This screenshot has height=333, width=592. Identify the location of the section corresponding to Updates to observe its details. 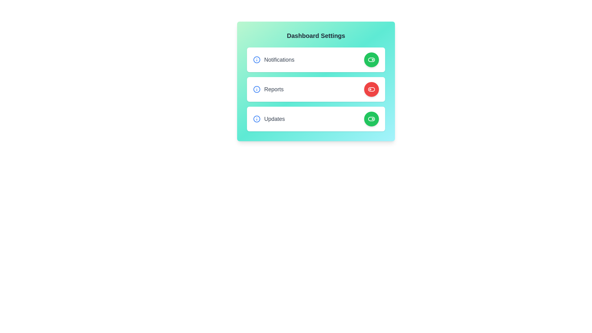
(316, 119).